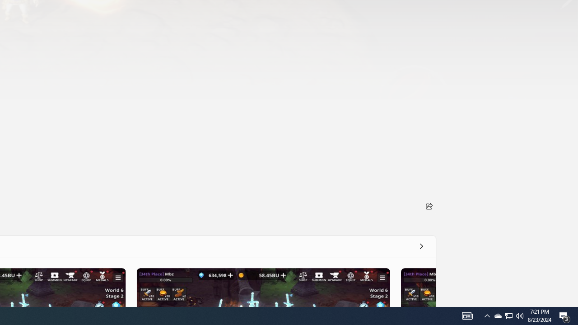  I want to click on 'Share', so click(429, 206).